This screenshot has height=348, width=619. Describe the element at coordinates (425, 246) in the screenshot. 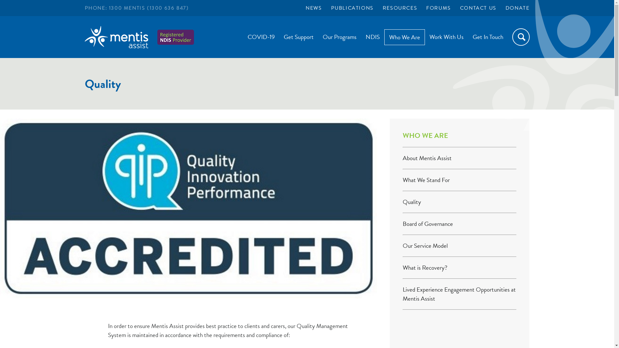

I see `'Our Service Model'` at that location.